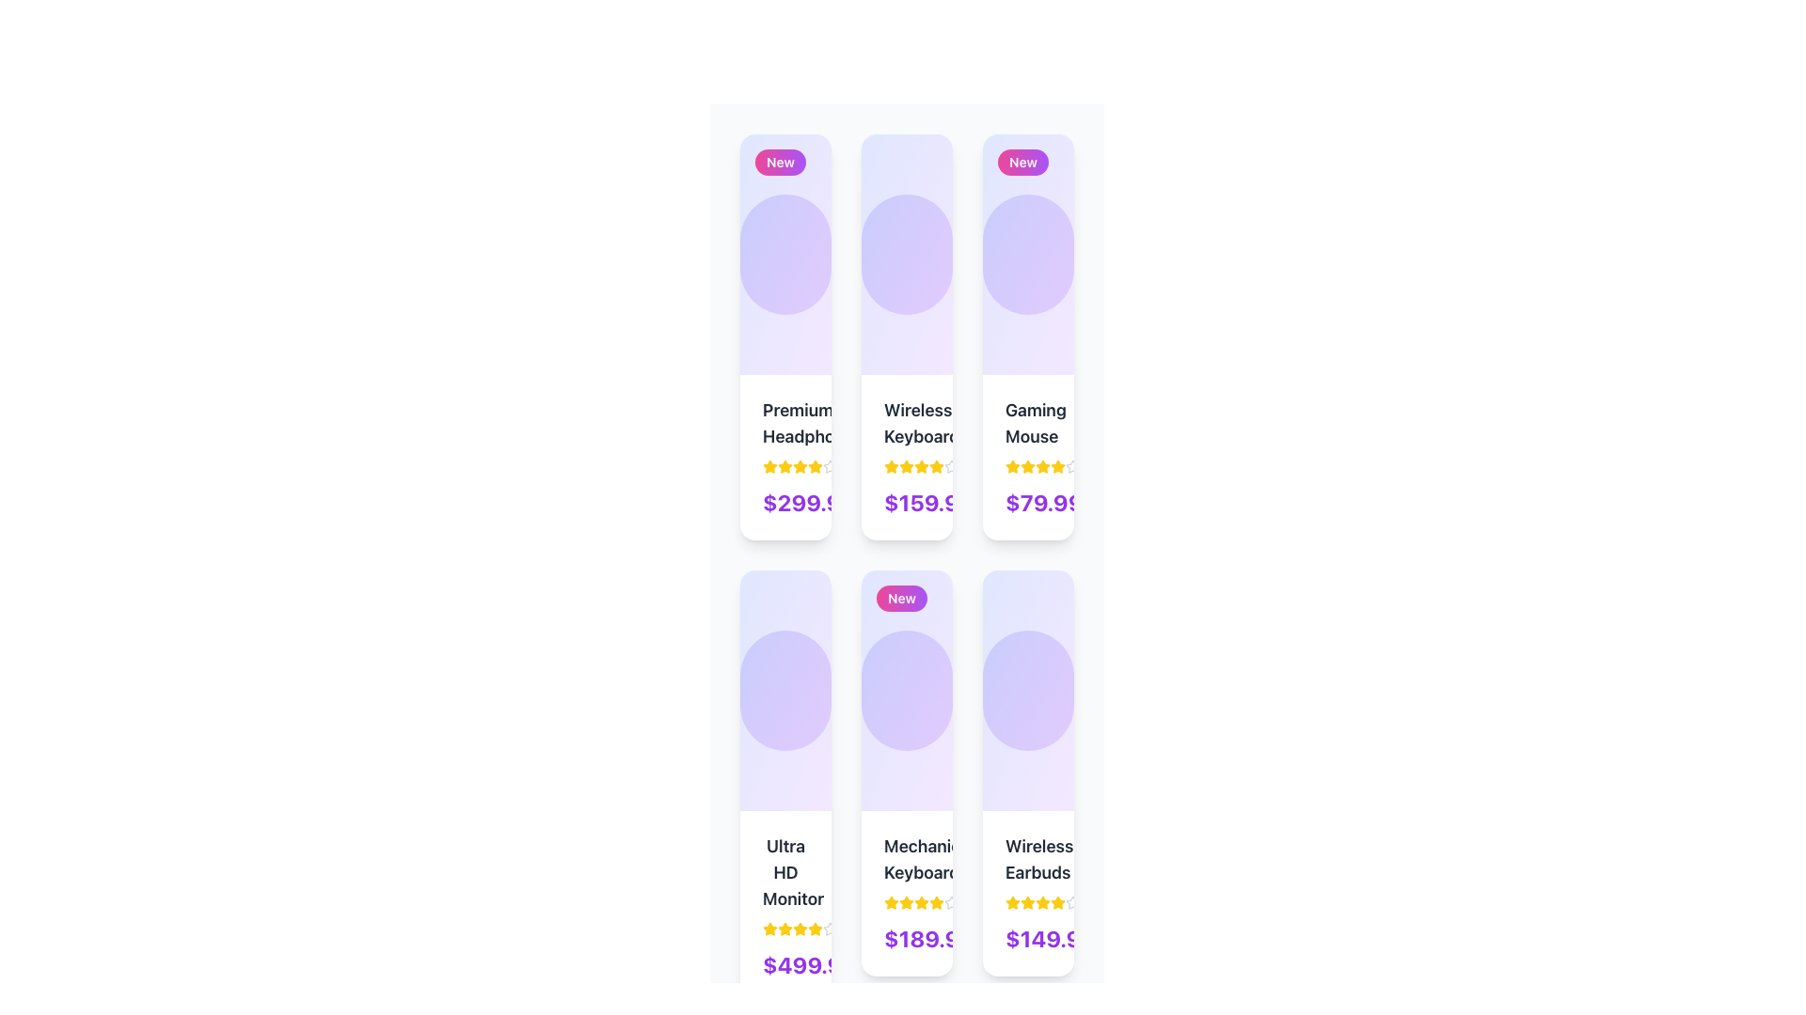 The width and height of the screenshot is (1806, 1015). What do you see at coordinates (907, 691) in the screenshot?
I see `the 'New' status badge located in the top-left corner of the 'Mechanical Keyboard' card layout` at bounding box center [907, 691].